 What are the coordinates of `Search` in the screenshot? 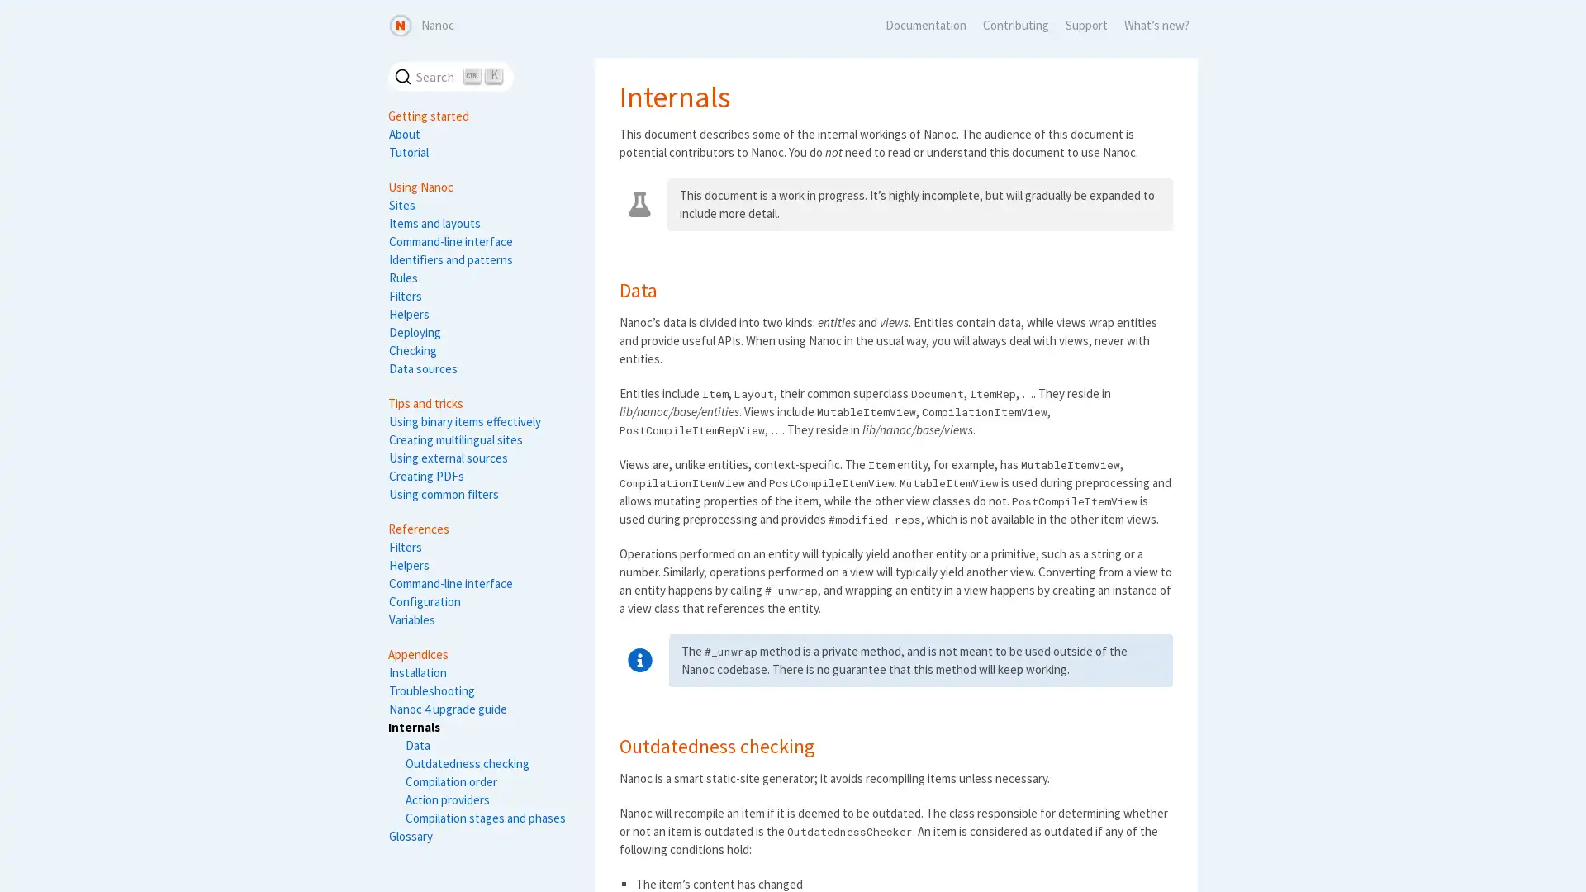 It's located at (451, 76).